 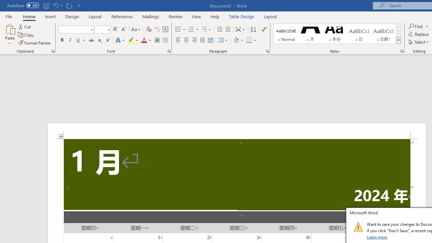 I want to click on 'Styles...', so click(x=402, y=51).